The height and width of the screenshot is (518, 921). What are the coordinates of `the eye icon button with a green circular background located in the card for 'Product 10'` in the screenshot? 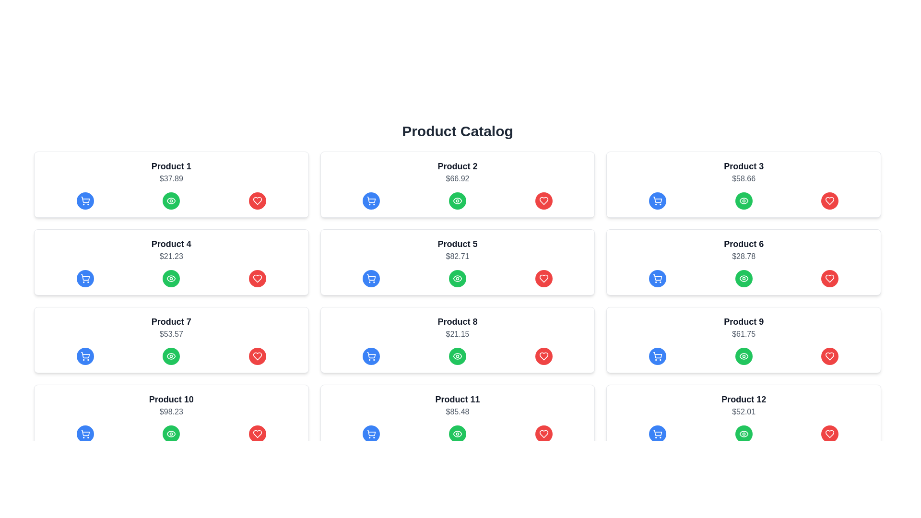 It's located at (171, 434).